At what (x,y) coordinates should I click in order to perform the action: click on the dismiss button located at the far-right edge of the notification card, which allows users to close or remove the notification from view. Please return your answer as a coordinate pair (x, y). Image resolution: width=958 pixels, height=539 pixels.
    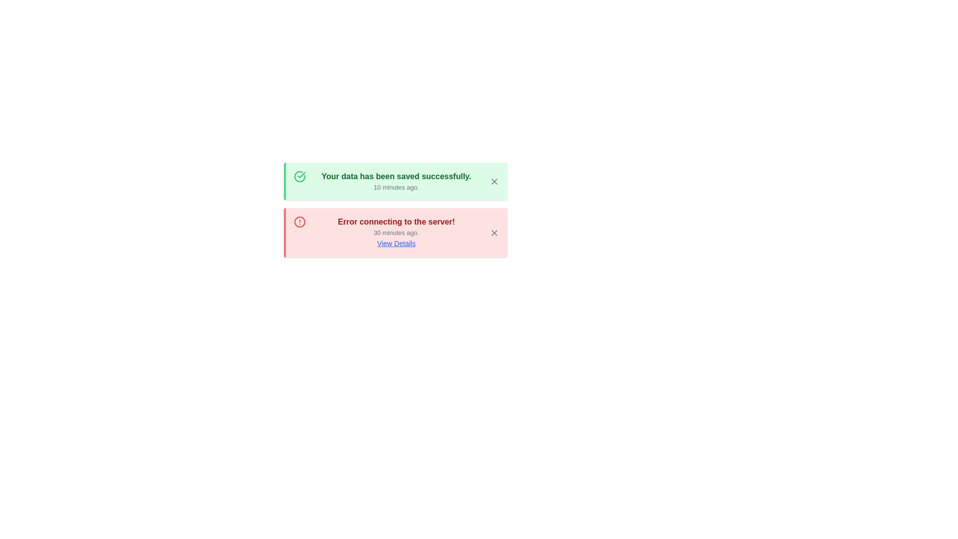
    Looking at the image, I should click on (494, 233).